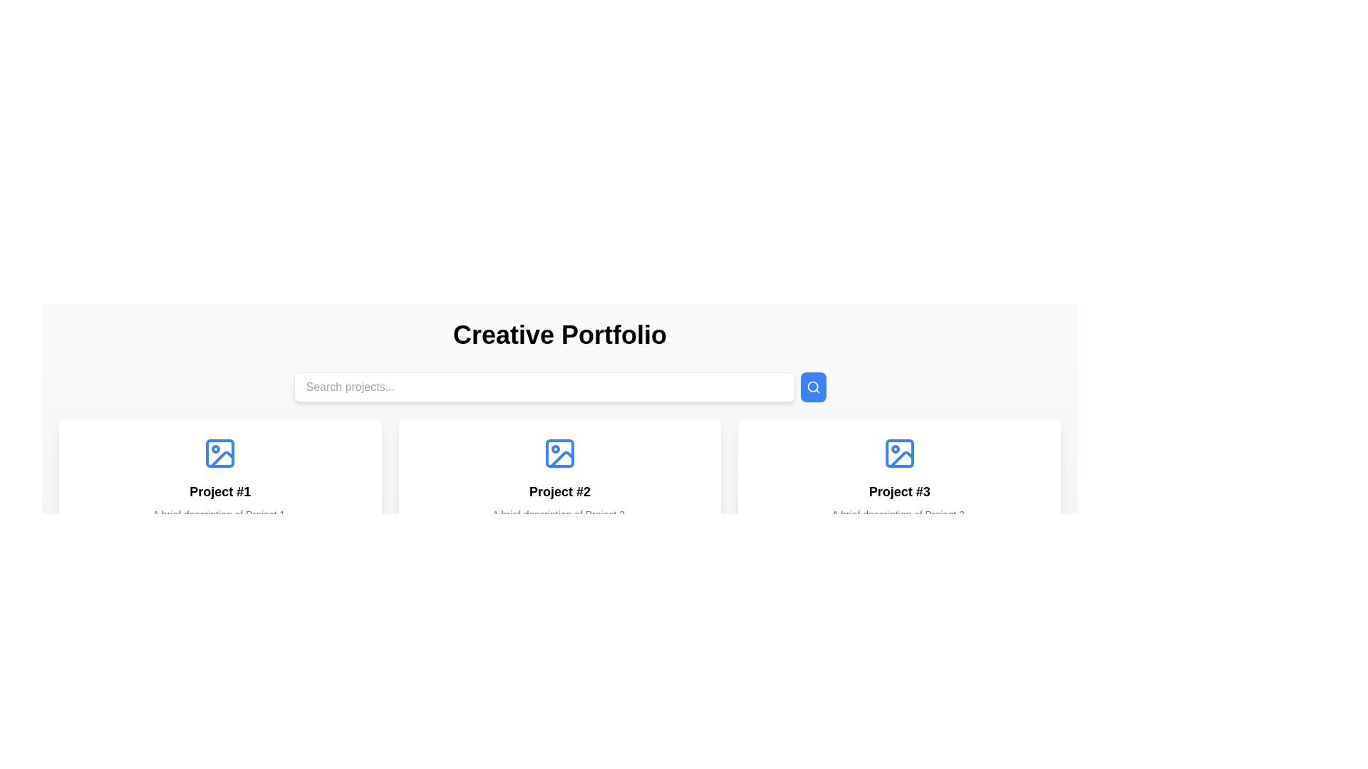  Describe the element at coordinates (898, 514) in the screenshot. I see `supplementary description text located beneath the title 'Project #3' in the project card layout` at that location.